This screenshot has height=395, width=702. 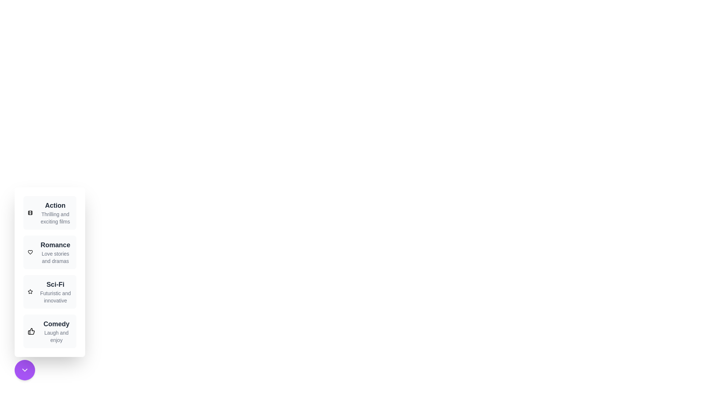 I want to click on the genre Romance from the menu, so click(x=49, y=252).